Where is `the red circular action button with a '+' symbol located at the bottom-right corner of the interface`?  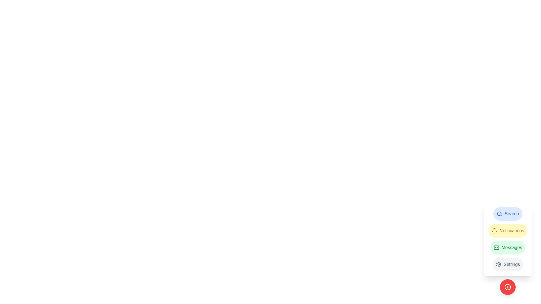 the red circular action button with a '+' symbol located at the bottom-right corner of the interface is located at coordinates (508, 287).